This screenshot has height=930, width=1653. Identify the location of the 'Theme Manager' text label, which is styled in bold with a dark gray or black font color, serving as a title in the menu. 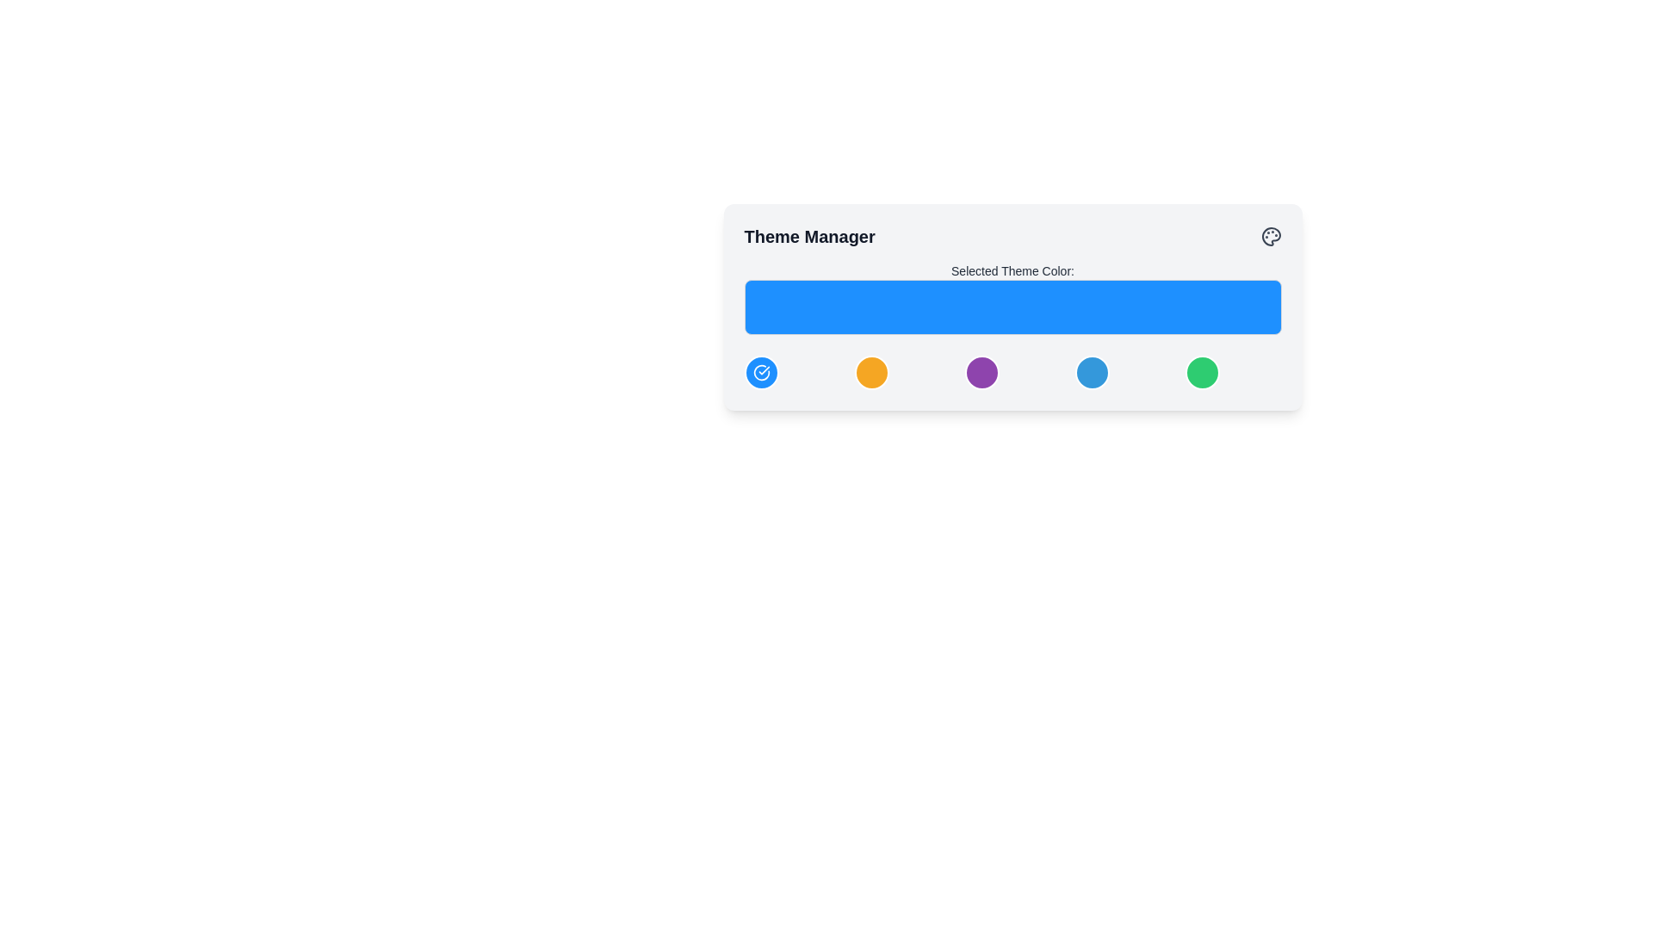
(808, 236).